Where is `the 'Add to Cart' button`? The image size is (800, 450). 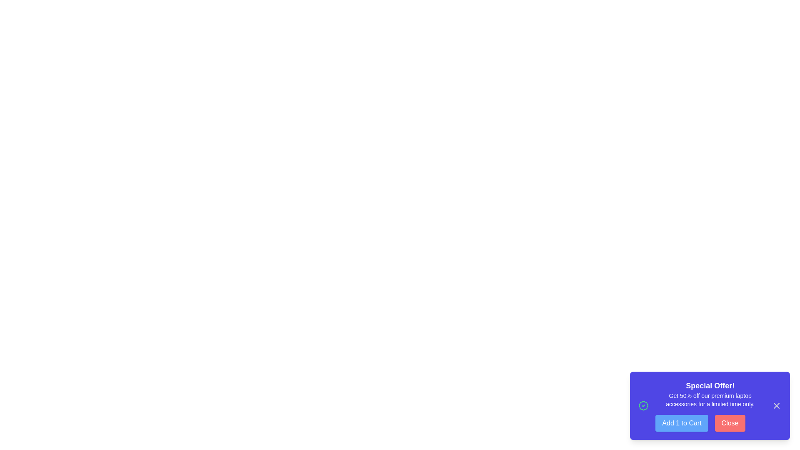 the 'Add to Cart' button is located at coordinates (682, 423).